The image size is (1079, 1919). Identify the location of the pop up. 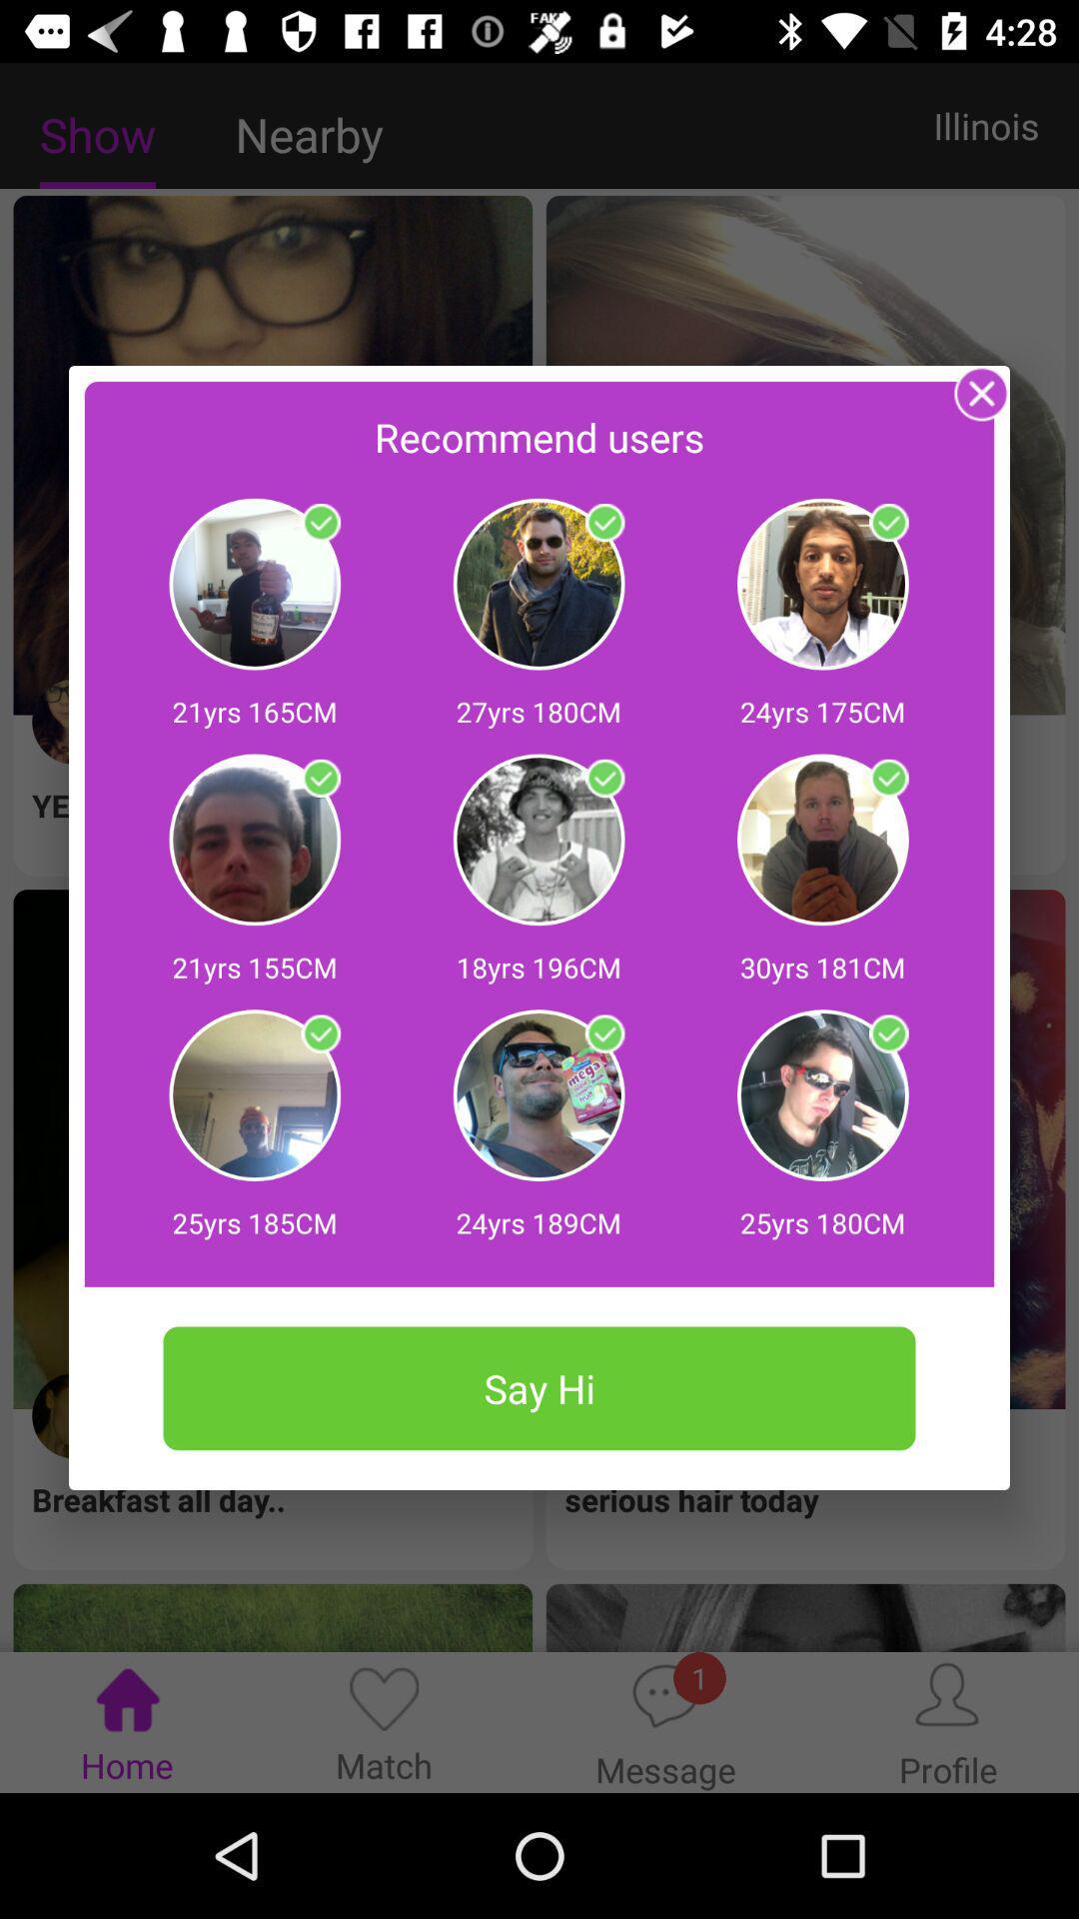
(981, 393).